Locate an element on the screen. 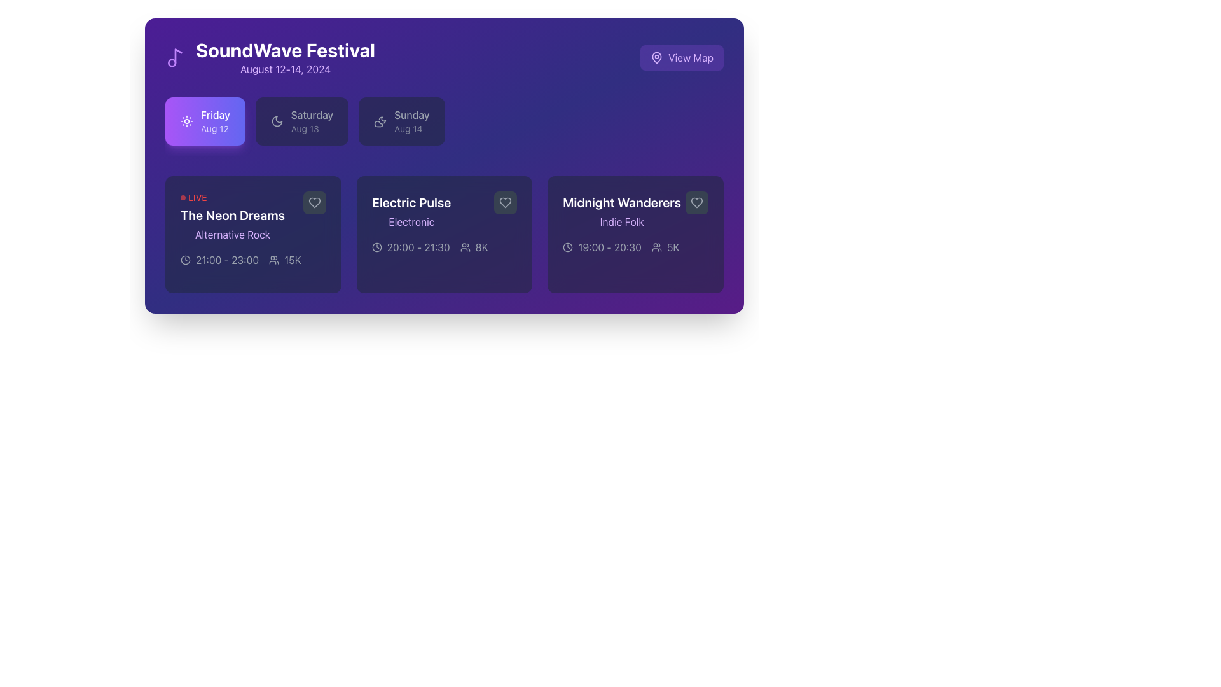  the heart icon in 'The Neon Dreams' card under the 'Friday, Aug 12' section is located at coordinates (314, 202).